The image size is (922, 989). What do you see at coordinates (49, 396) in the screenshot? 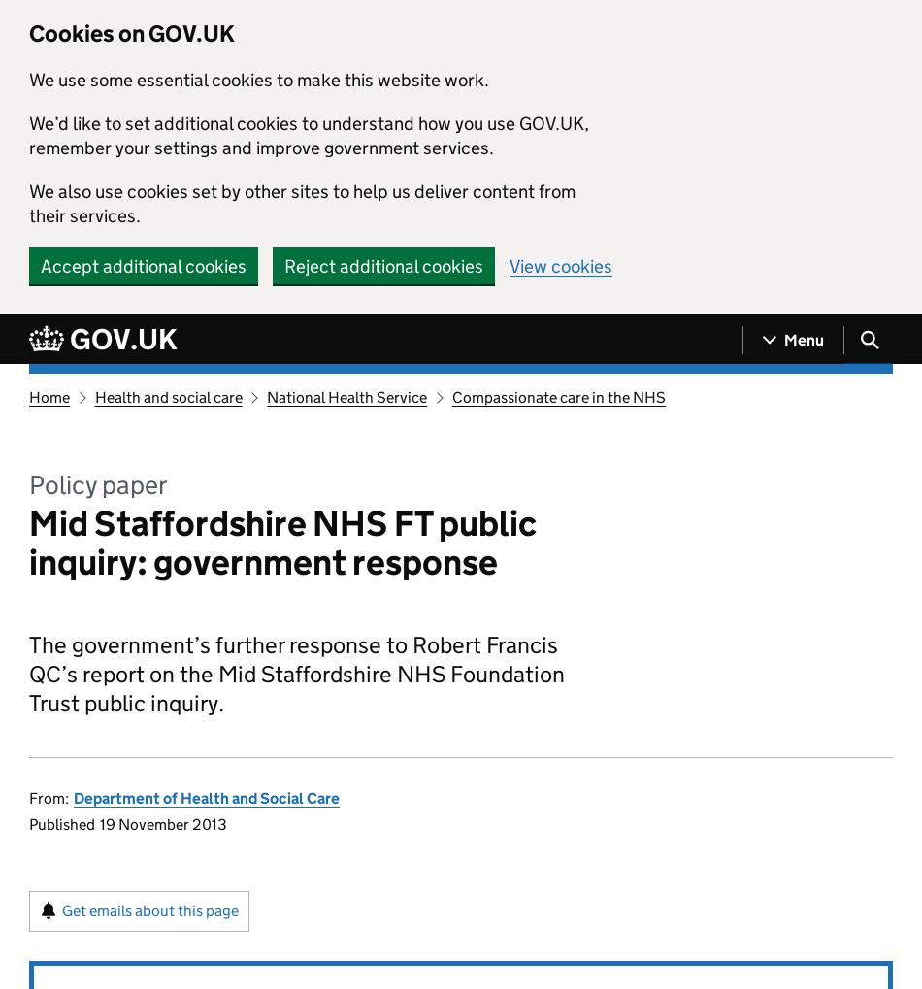
I see `'Home'` at bounding box center [49, 396].